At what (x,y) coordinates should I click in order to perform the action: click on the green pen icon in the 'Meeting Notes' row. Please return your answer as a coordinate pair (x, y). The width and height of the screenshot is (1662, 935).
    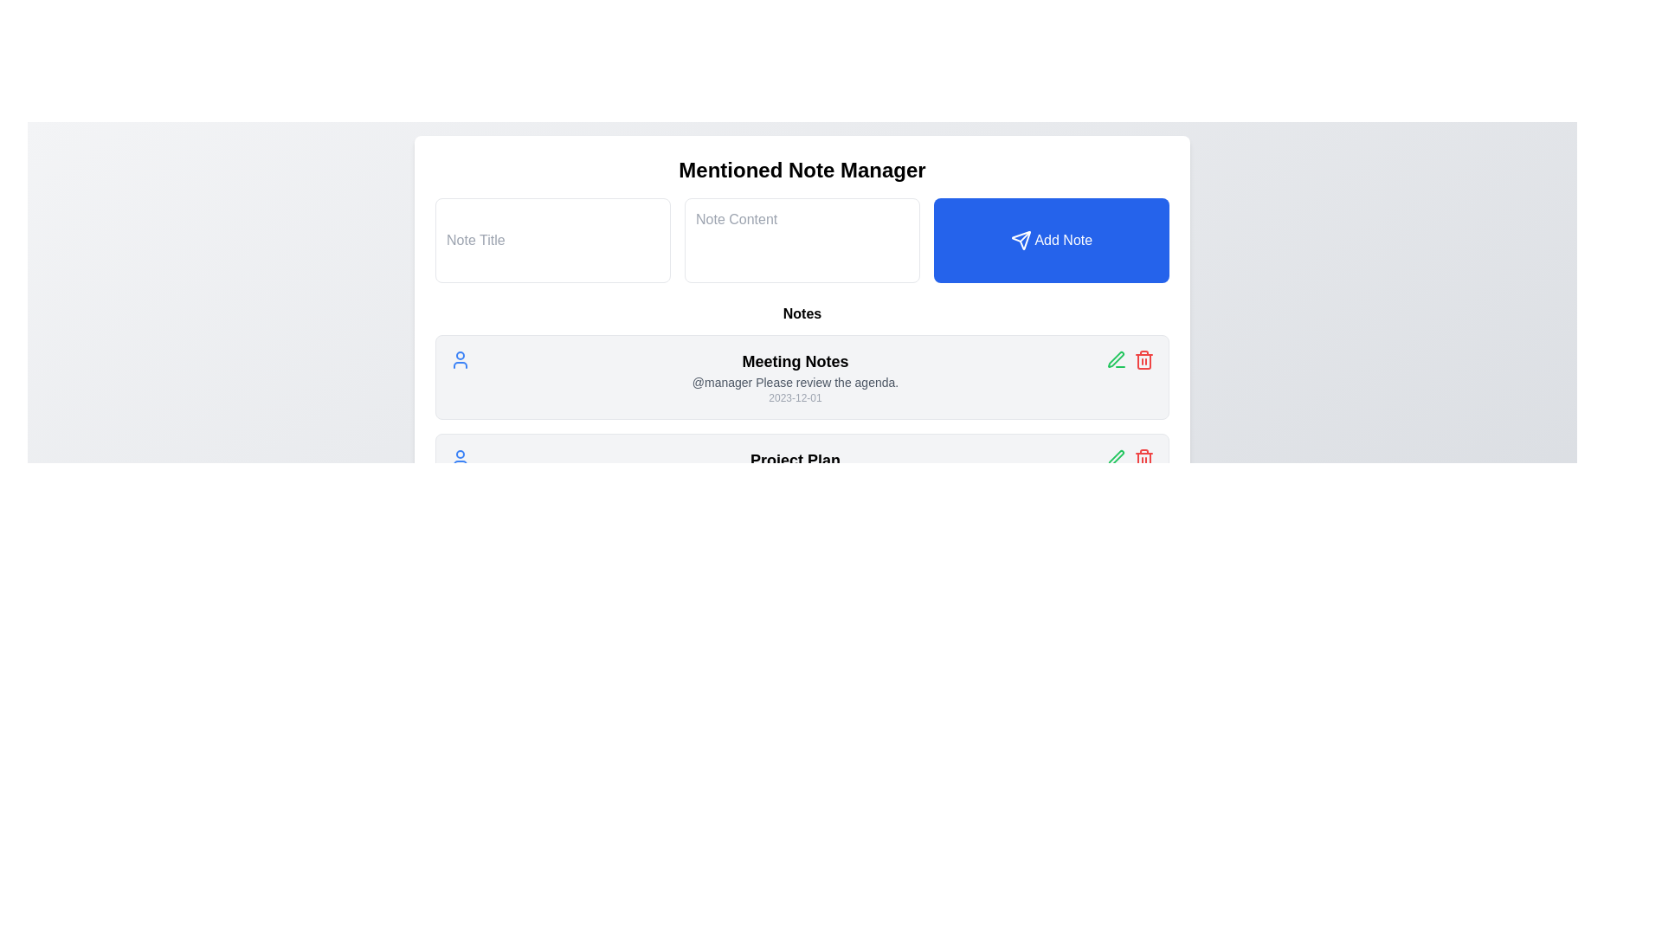
    Looking at the image, I should click on (1117, 359).